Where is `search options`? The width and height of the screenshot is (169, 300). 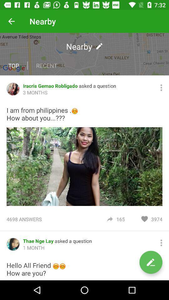
search options is located at coordinates (161, 87).